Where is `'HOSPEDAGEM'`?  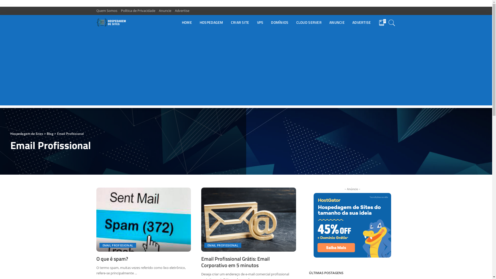 'HOSPEDAGEM' is located at coordinates (196, 22).